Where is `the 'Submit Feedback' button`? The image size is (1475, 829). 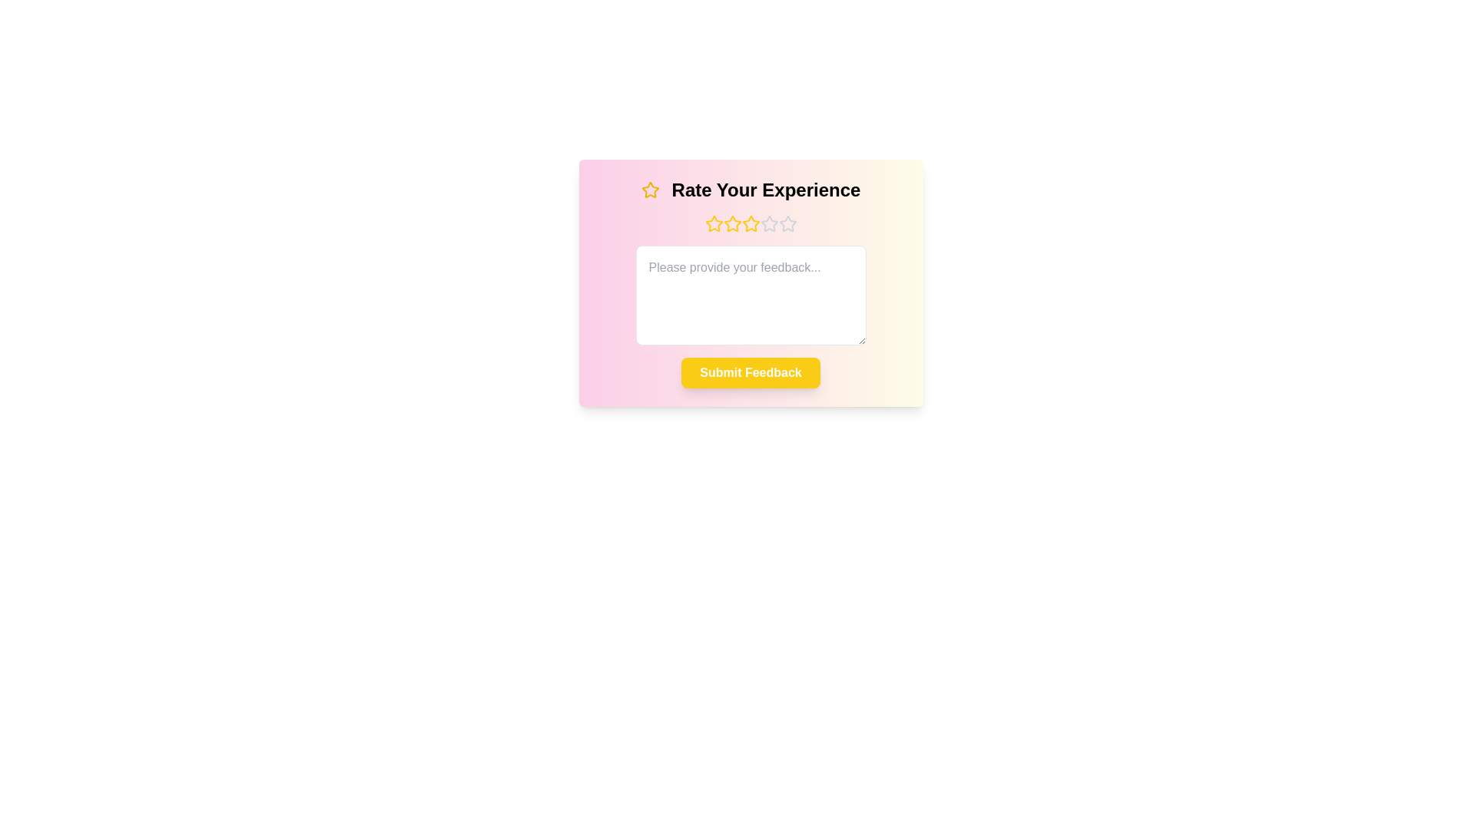
the 'Submit Feedback' button is located at coordinates (751, 373).